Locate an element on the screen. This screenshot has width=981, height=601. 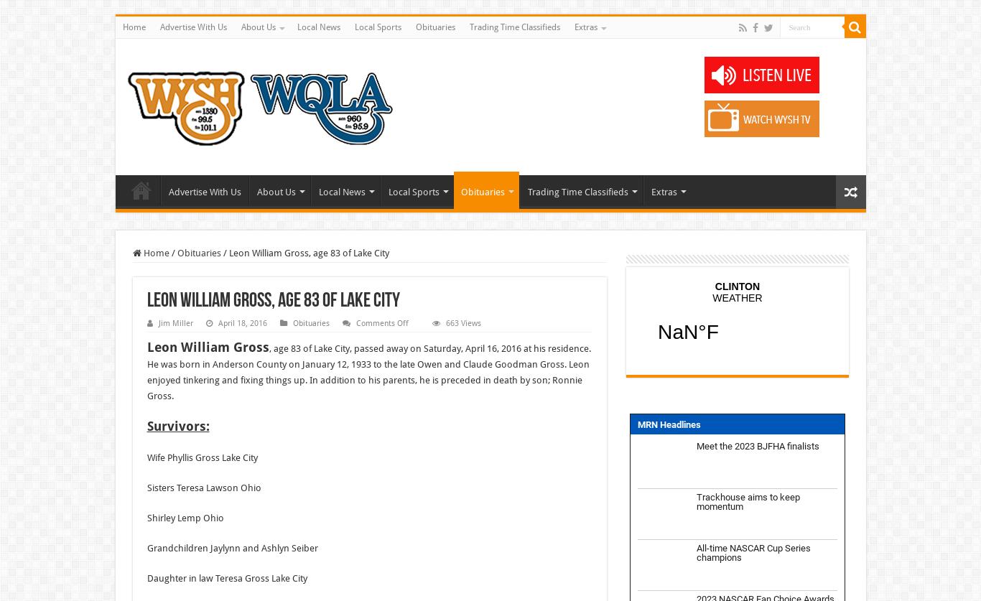
'Home' is located at coordinates (154, 253).